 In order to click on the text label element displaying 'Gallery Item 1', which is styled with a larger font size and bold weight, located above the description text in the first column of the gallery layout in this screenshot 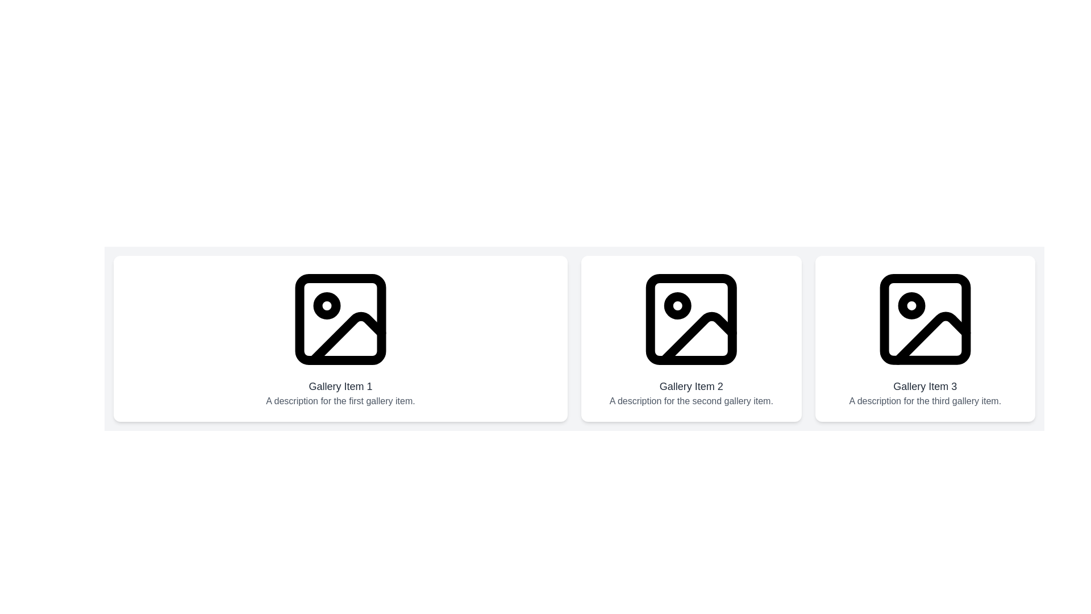, I will do `click(340, 385)`.